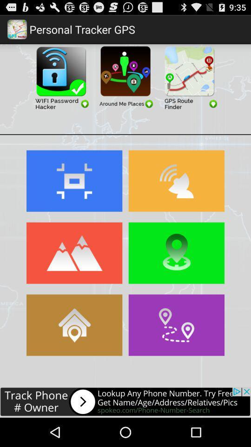  I want to click on location, so click(176, 253).